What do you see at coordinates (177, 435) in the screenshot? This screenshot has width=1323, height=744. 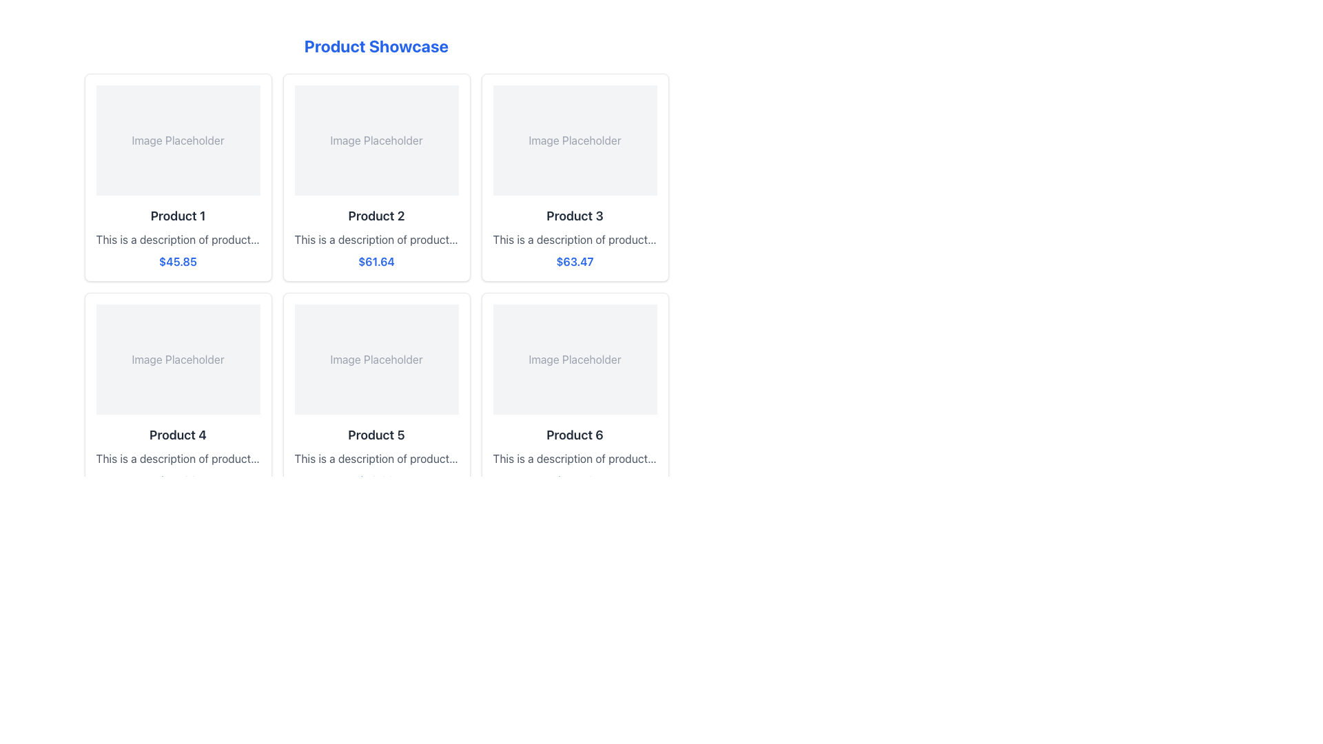 I see `the text label stating 'Product 4'` at bounding box center [177, 435].